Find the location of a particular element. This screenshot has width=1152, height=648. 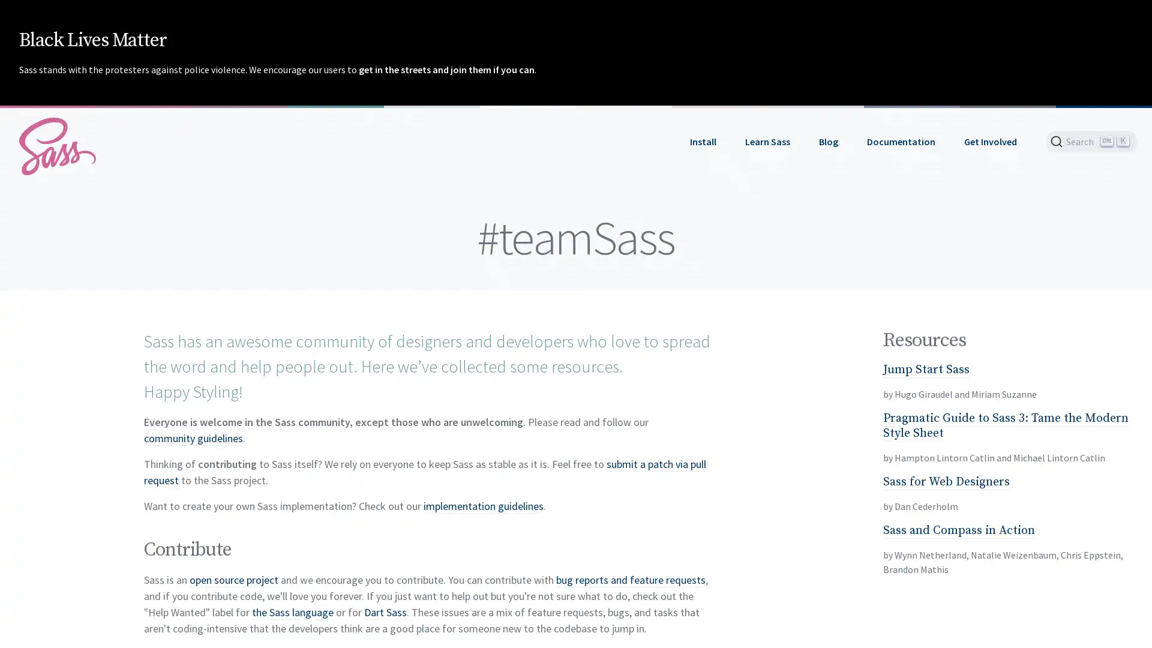

Search is located at coordinates (1091, 140).